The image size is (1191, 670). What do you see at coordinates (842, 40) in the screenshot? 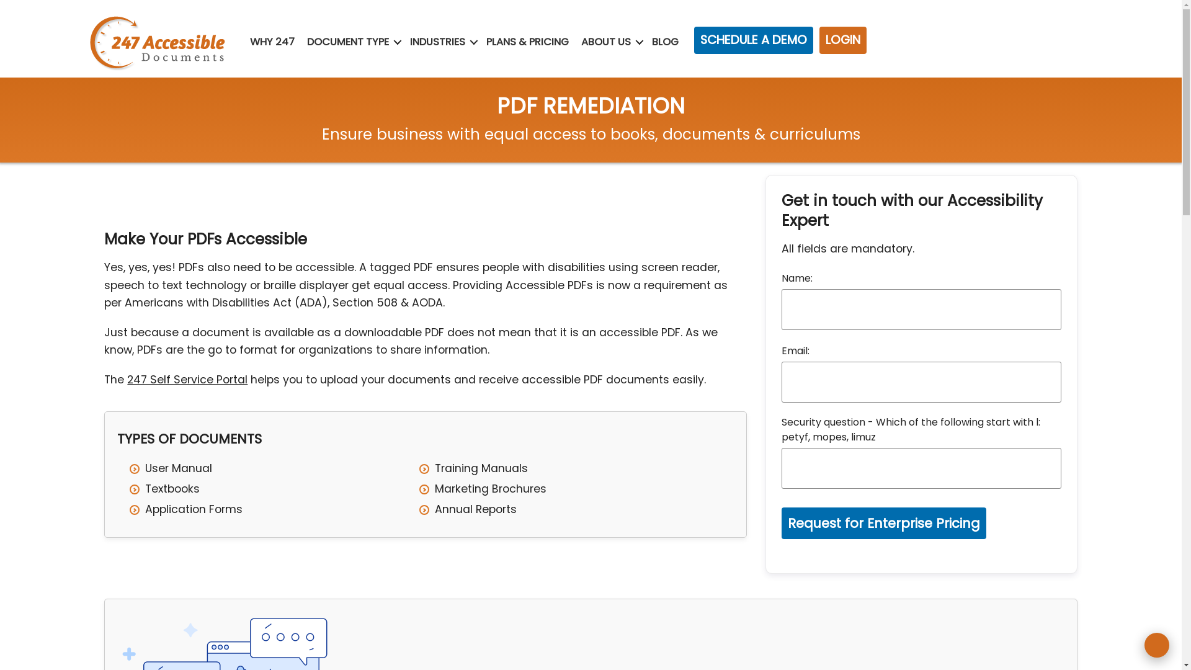
I see `'LOGIN'` at bounding box center [842, 40].